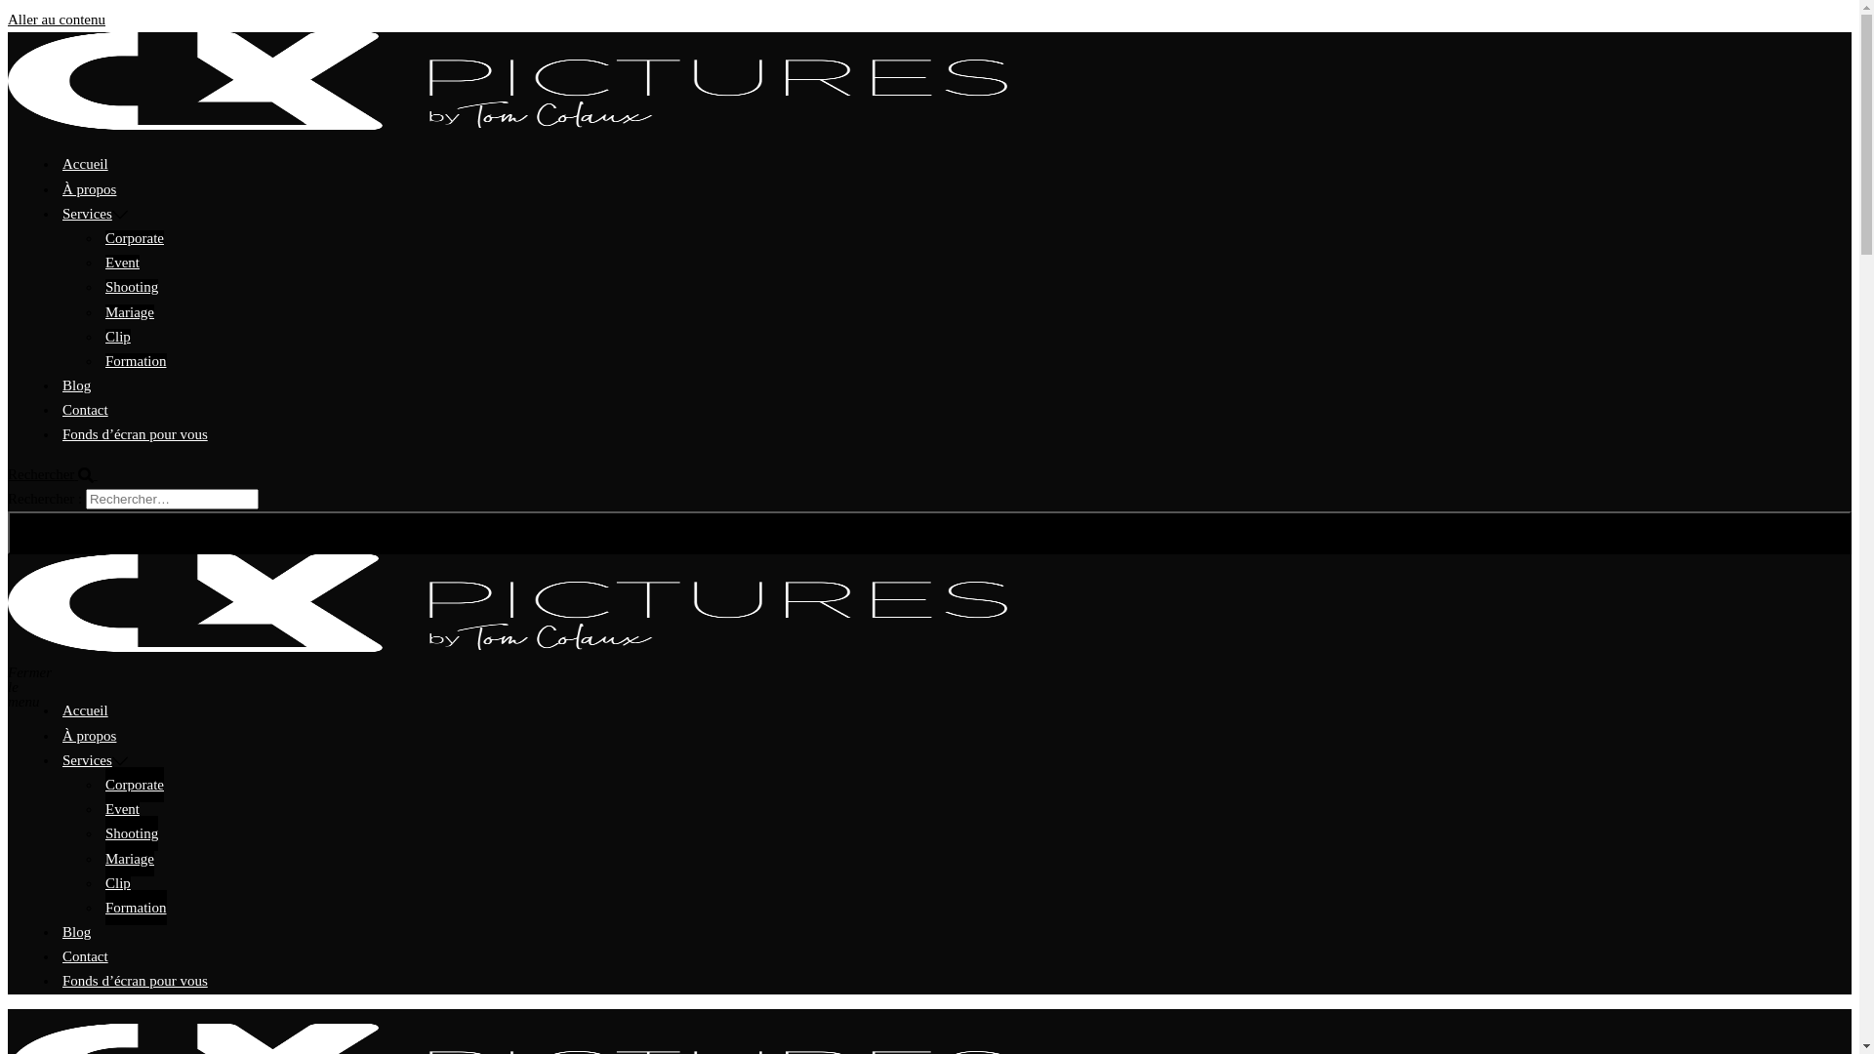 The height and width of the screenshot is (1054, 1874). Describe the element at coordinates (56, 19) in the screenshot. I see `'Aller au contenu'` at that location.